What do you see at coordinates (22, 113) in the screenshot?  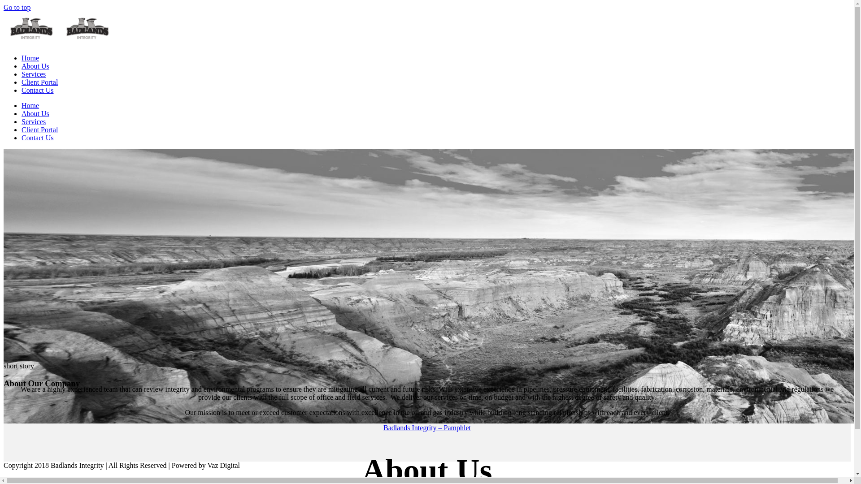 I see `'About Us'` at bounding box center [22, 113].